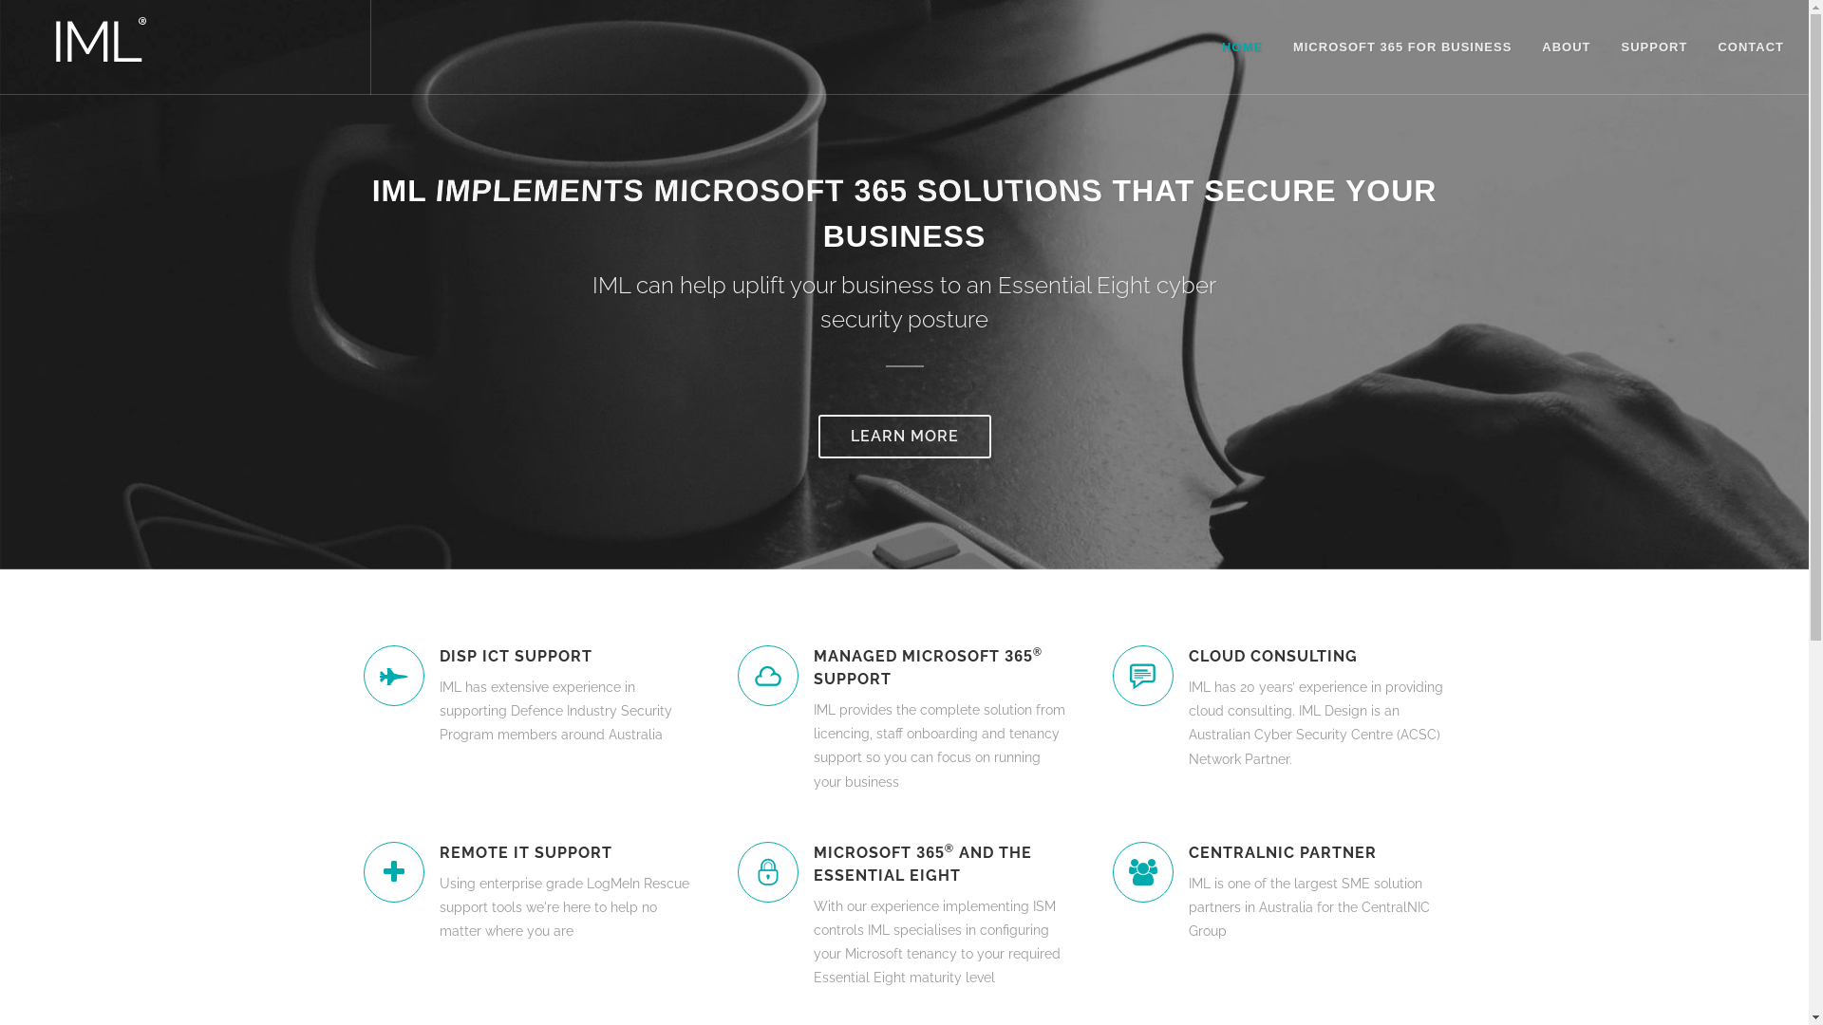 The height and width of the screenshot is (1025, 1823). What do you see at coordinates (1188, 655) in the screenshot?
I see `'CLOUD CONSULTING'` at bounding box center [1188, 655].